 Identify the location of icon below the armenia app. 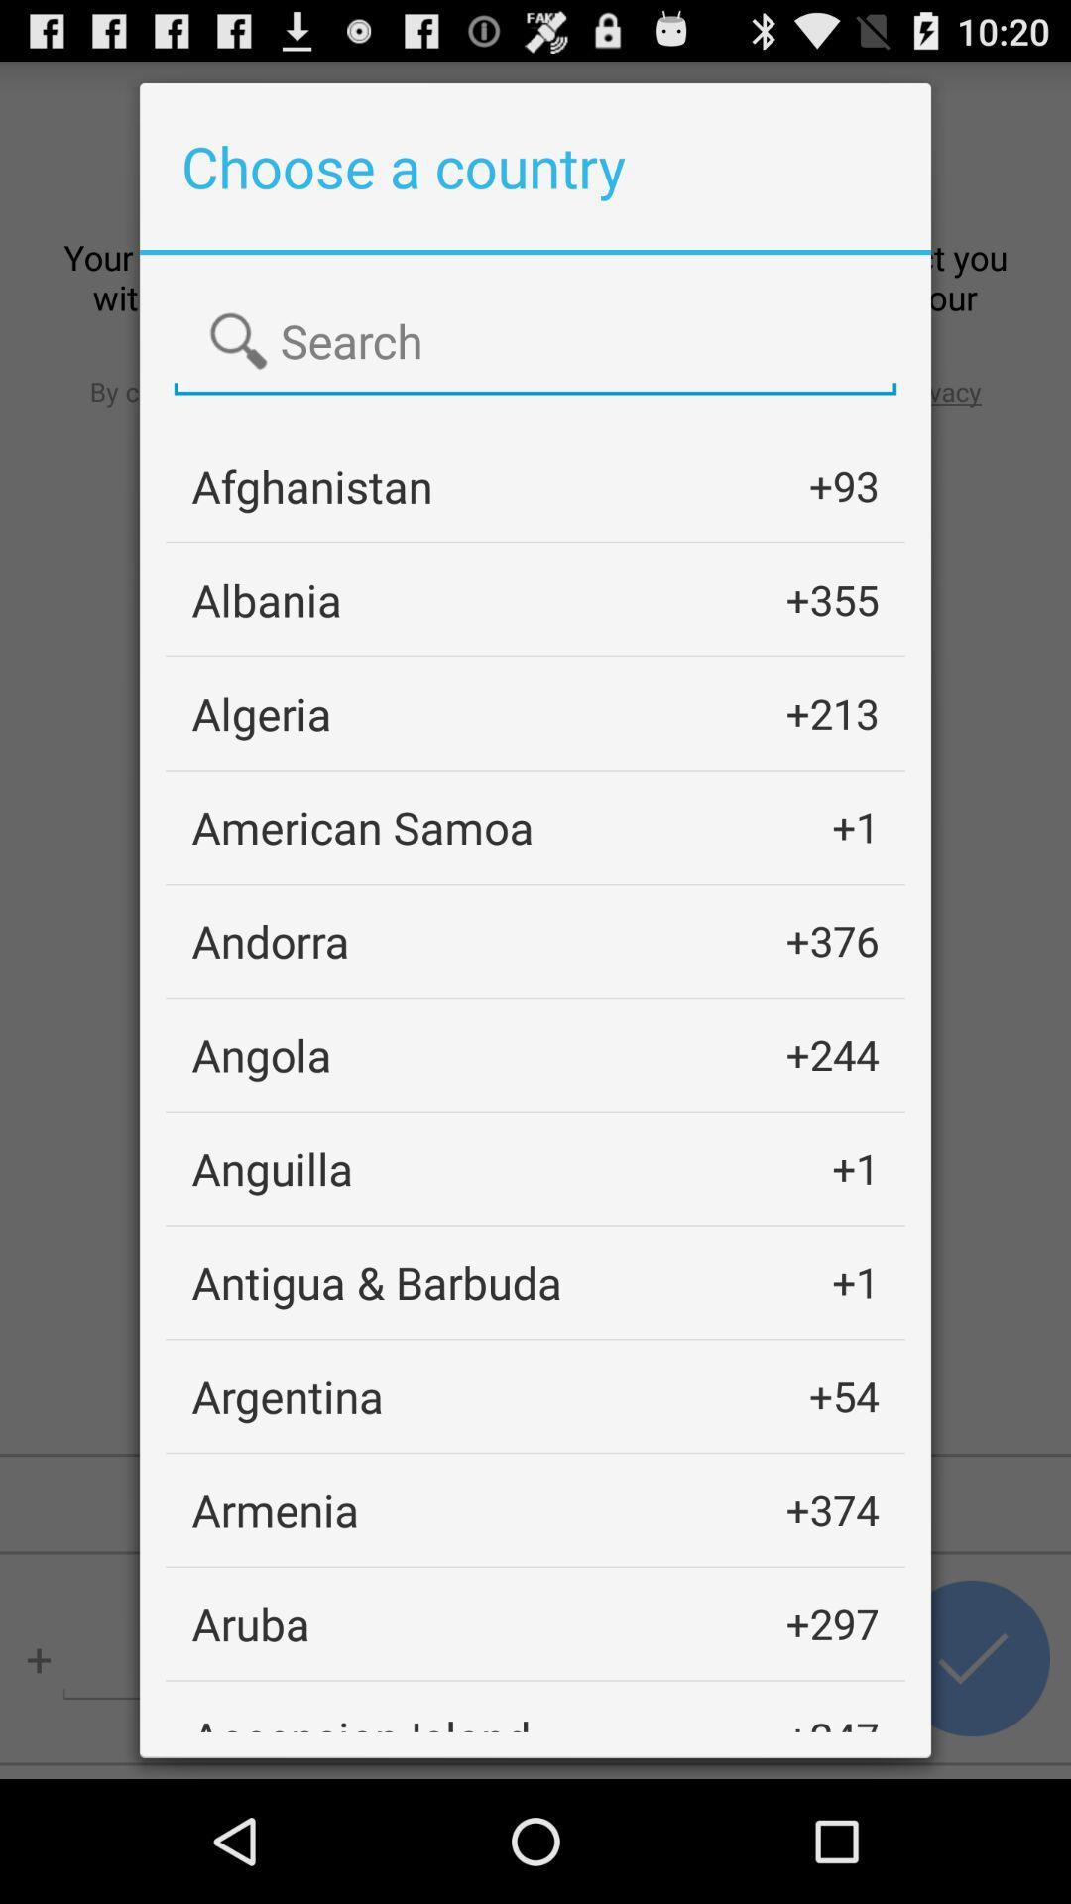
(250, 1623).